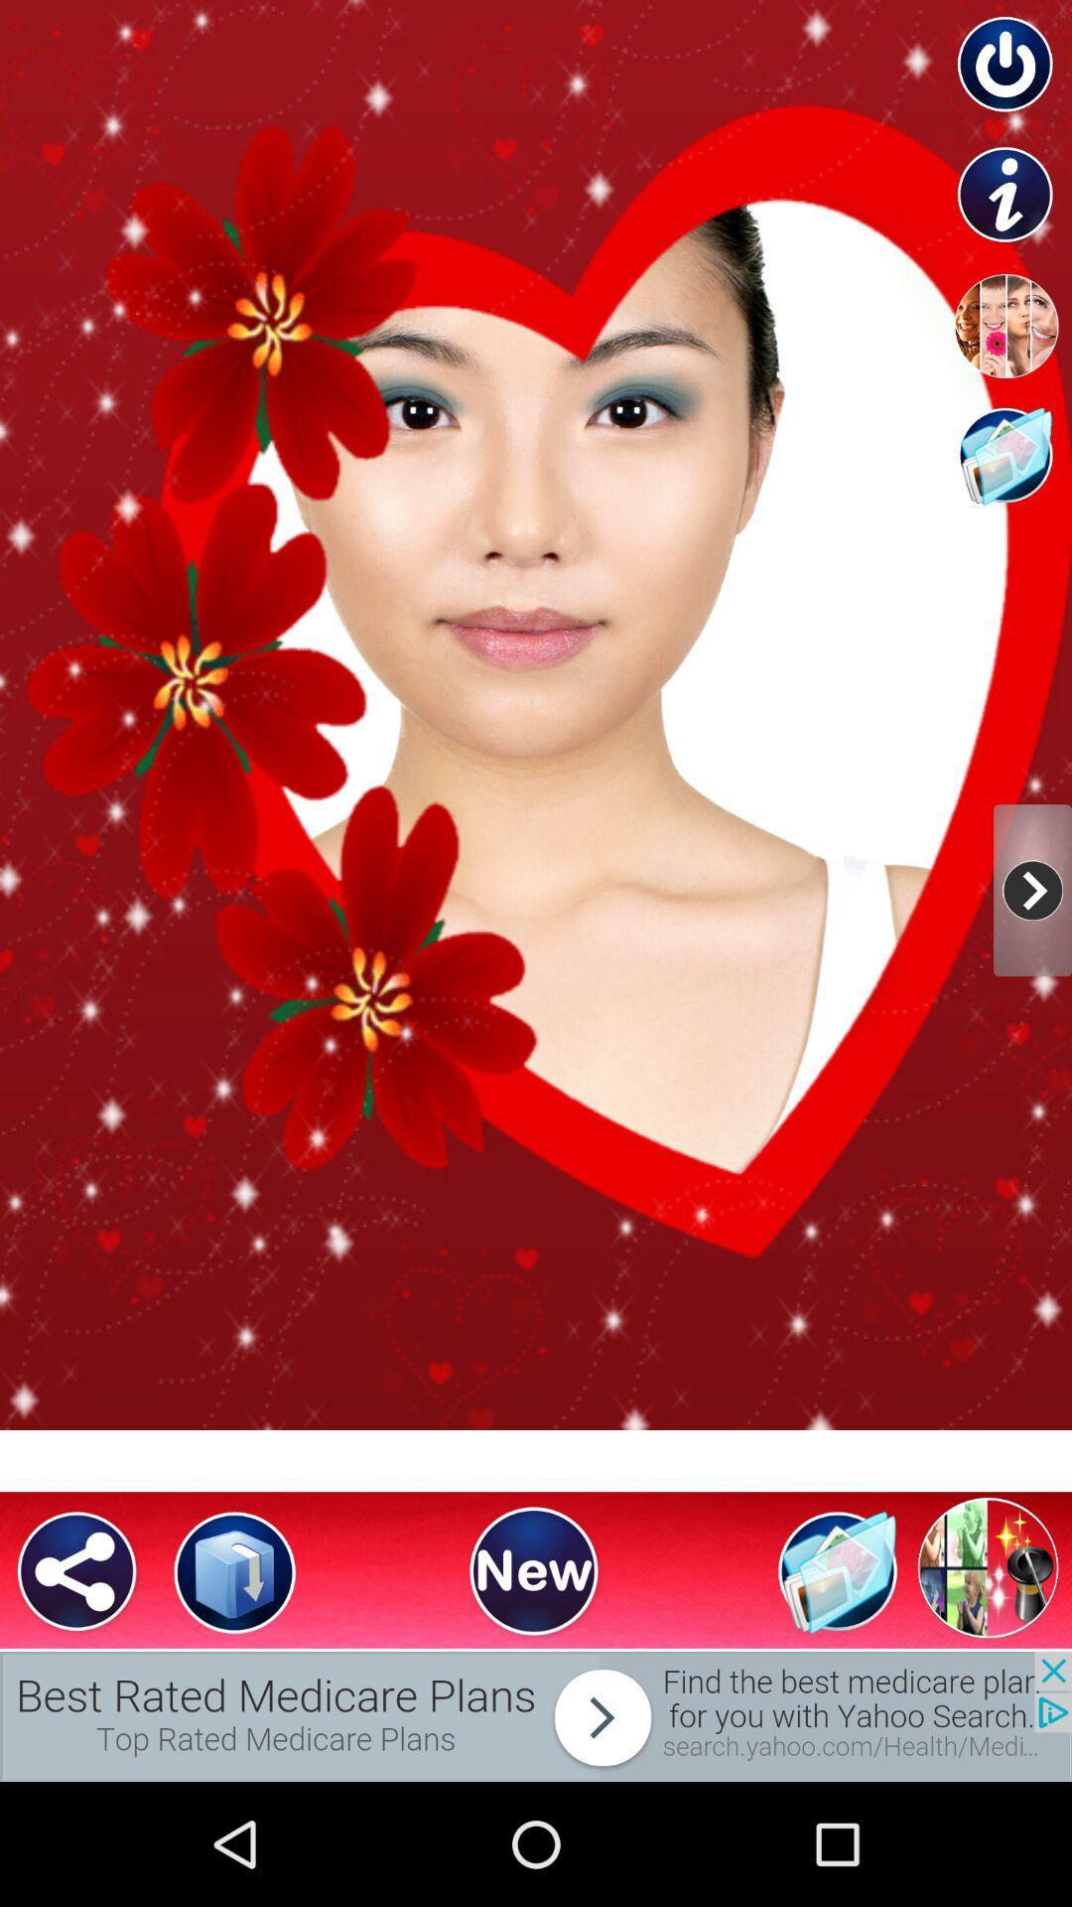  I want to click on advertisements place, so click(536, 1715).